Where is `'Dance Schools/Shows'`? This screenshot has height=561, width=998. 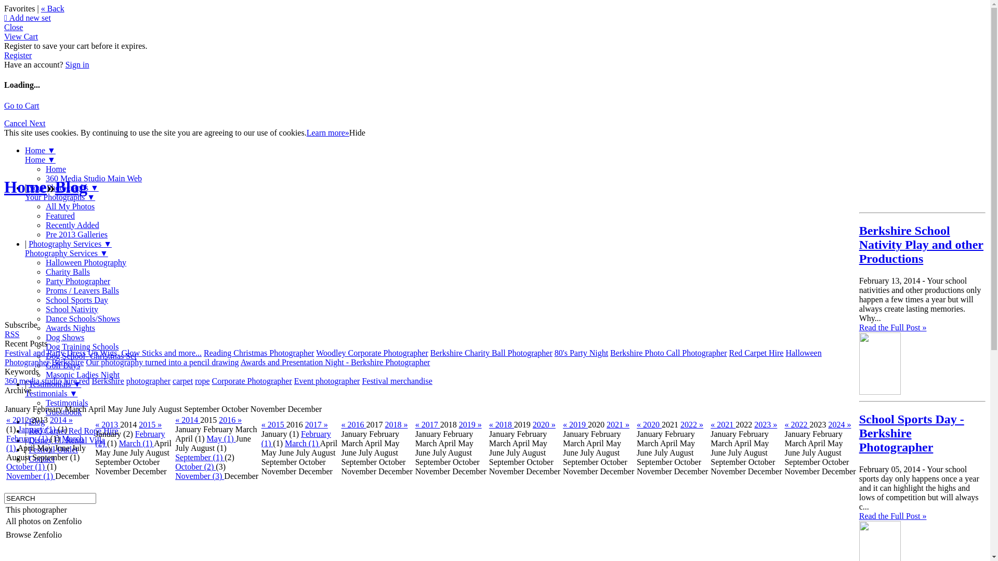
'Dance Schools/Shows' is located at coordinates (82, 318).